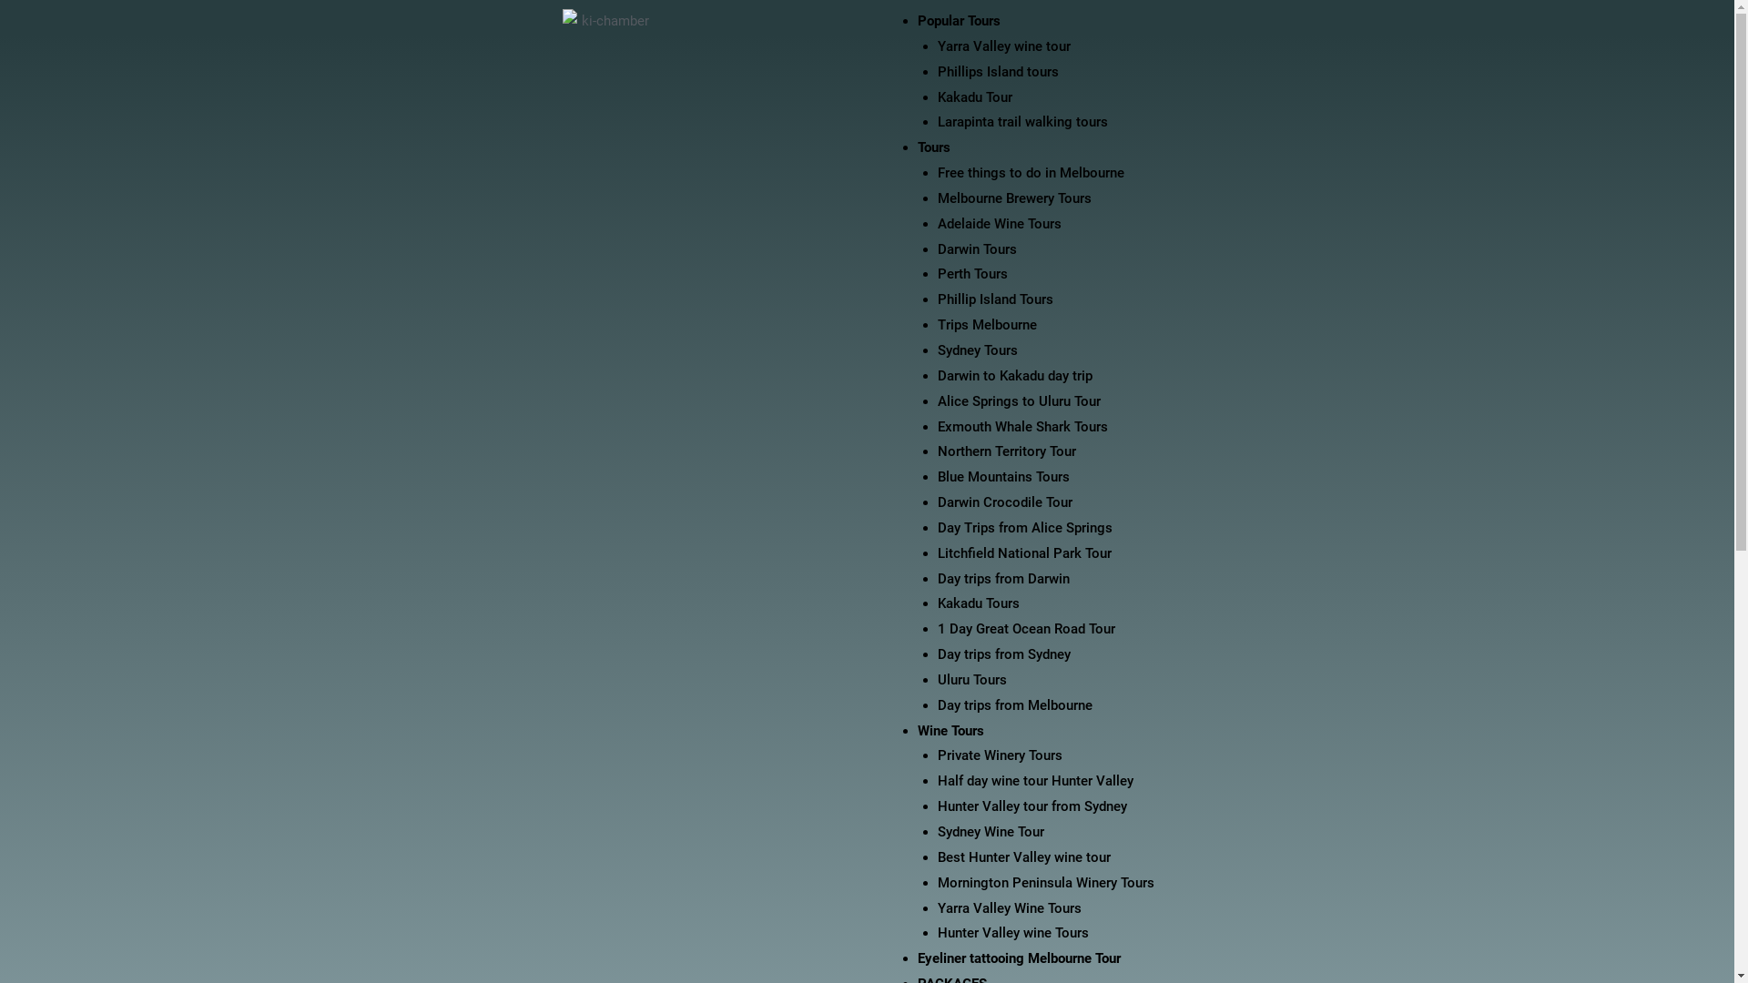 This screenshot has height=983, width=1748. I want to click on 'Phillip Island Tours', so click(994, 298).